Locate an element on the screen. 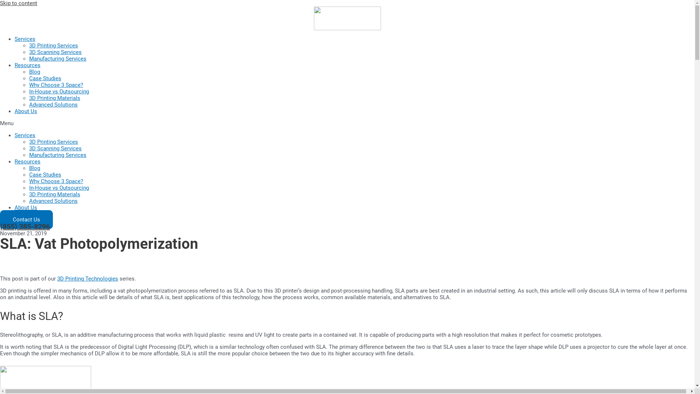  '3D Printing Technologies' is located at coordinates (87, 278).